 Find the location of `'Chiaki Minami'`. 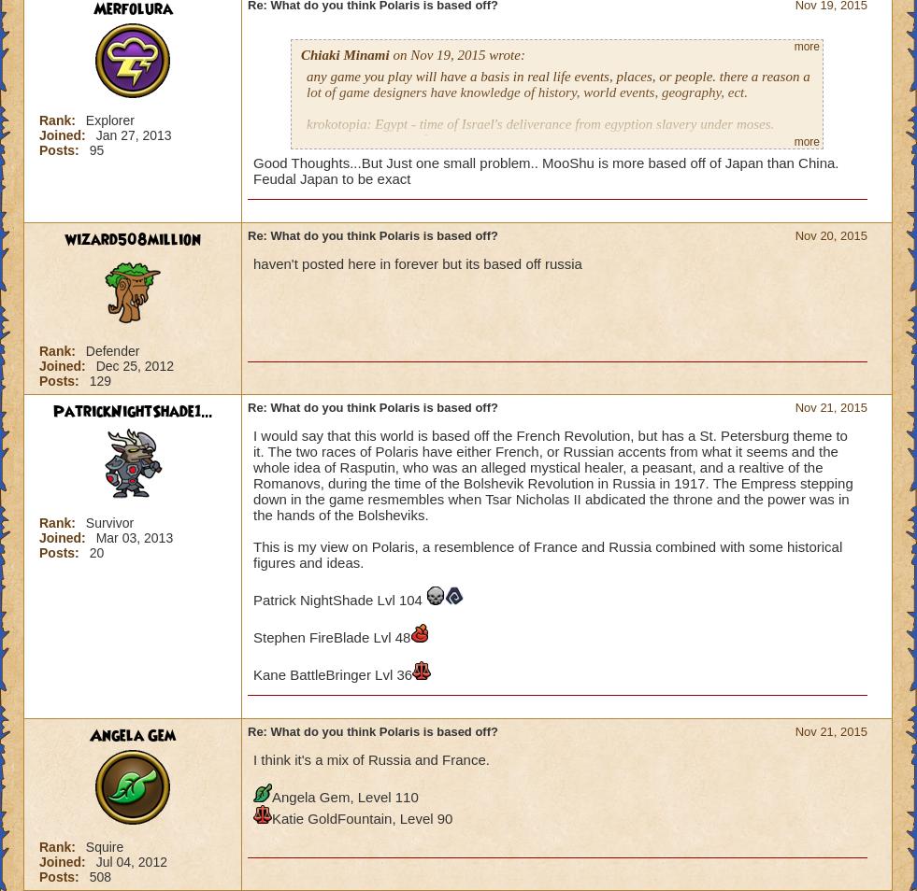

'Chiaki Minami' is located at coordinates (343, 53).